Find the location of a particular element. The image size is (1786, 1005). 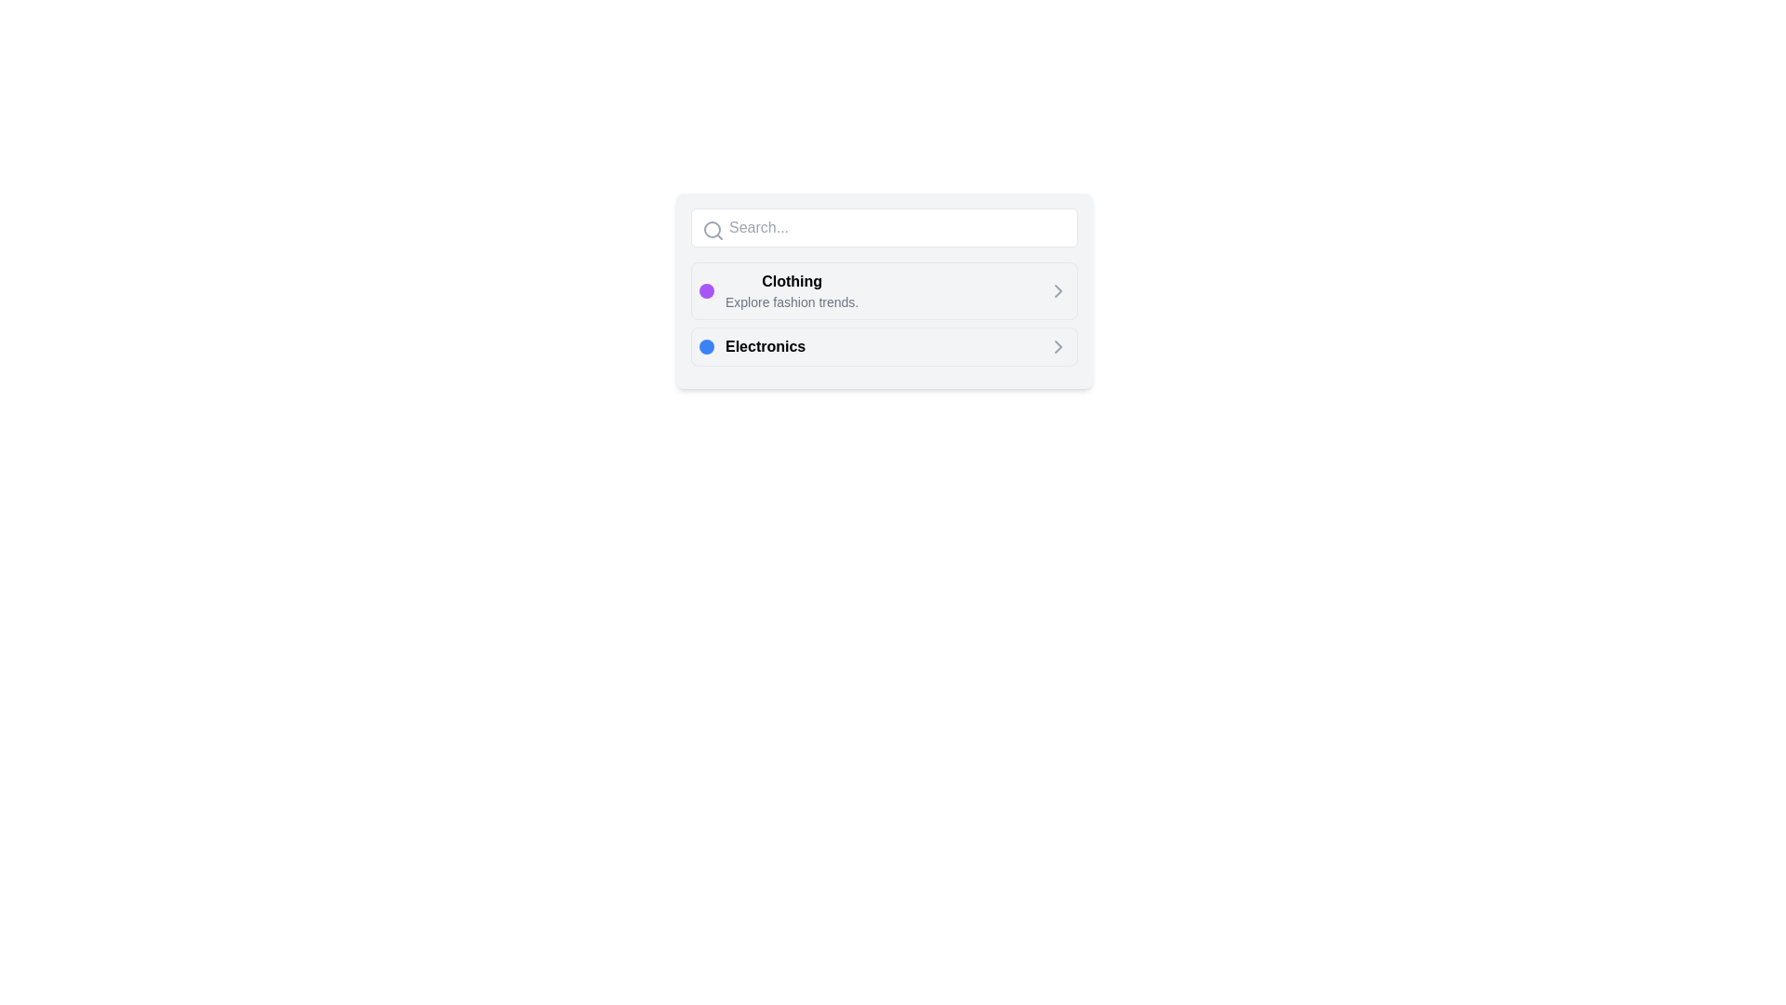

the right-arrow icon next to the 'Electronics' list item is located at coordinates (1058, 347).